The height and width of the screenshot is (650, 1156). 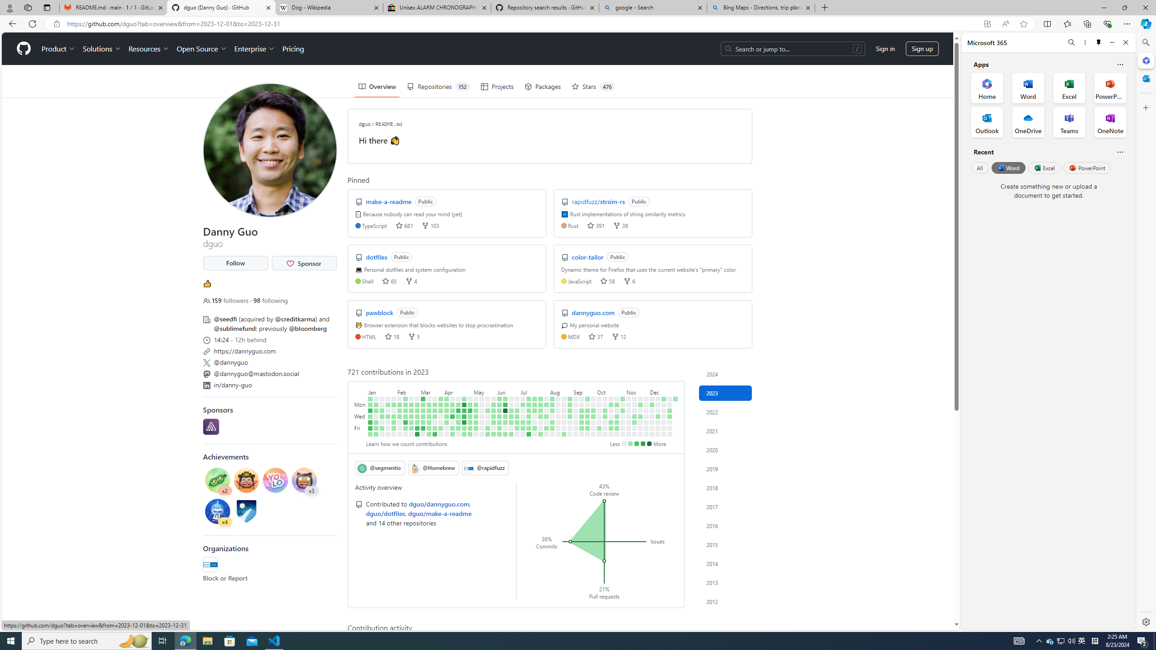 What do you see at coordinates (464, 422) in the screenshot?
I see `'19 contributions on April 27th.'` at bounding box center [464, 422].